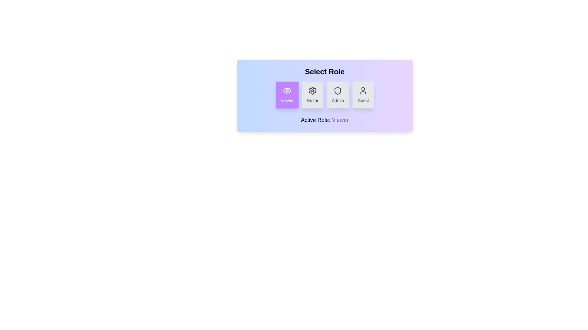  I want to click on the role button corresponding to Viewer, so click(287, 95).